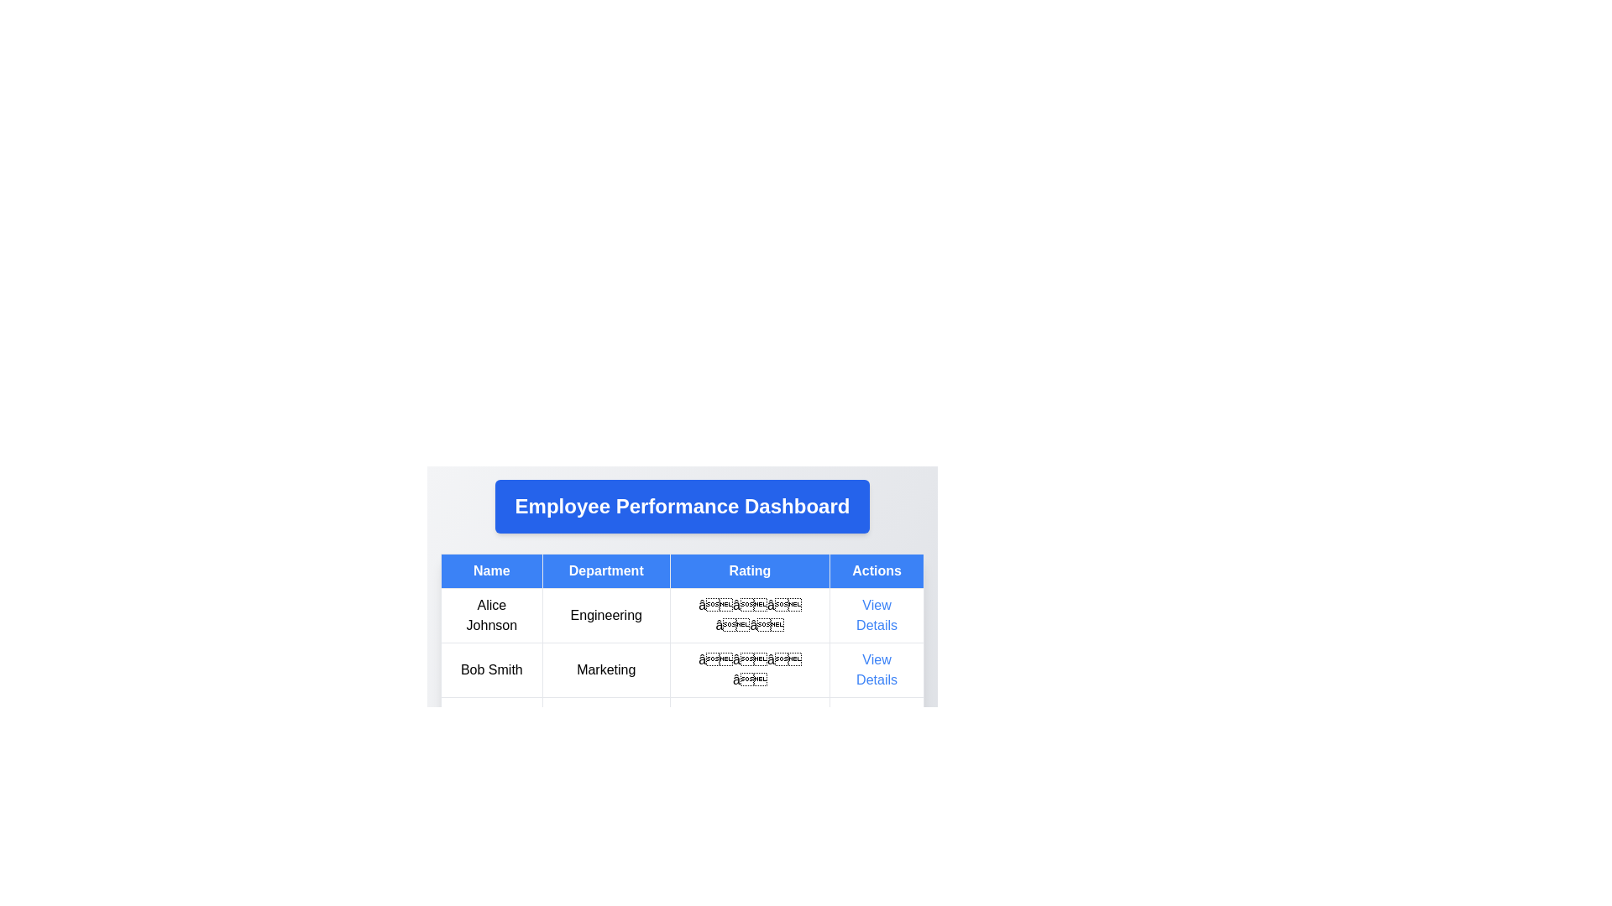  Describe the element at coordinates (749, 669) in the screenshot. I see `the Rating indicator, which consists of four graphical star icons arranged horizontally, located in the third column of the second row titled 'Bob Smith Marketing'` at that location.